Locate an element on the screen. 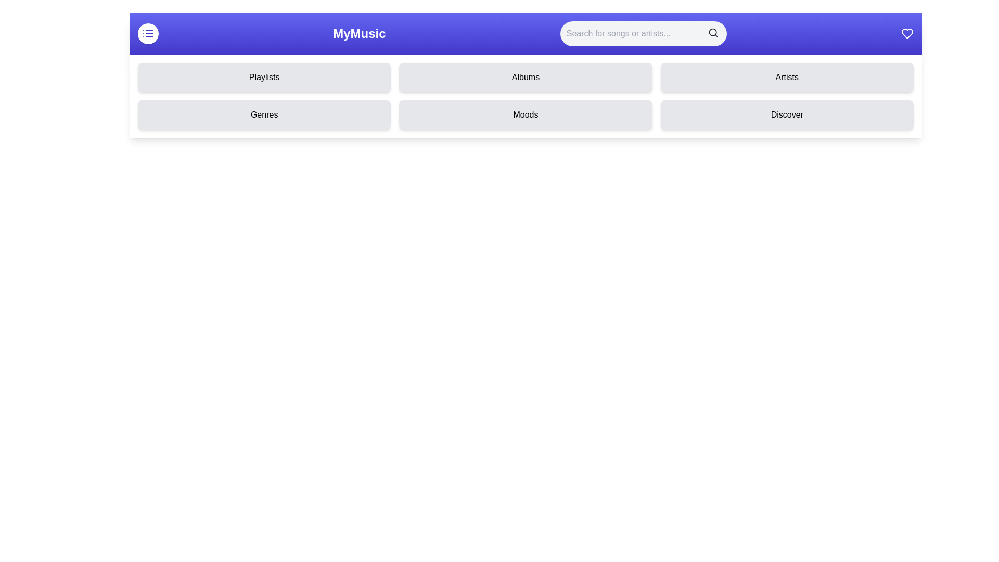  the category Playlists from the menu is located at coordinates (264, 77).